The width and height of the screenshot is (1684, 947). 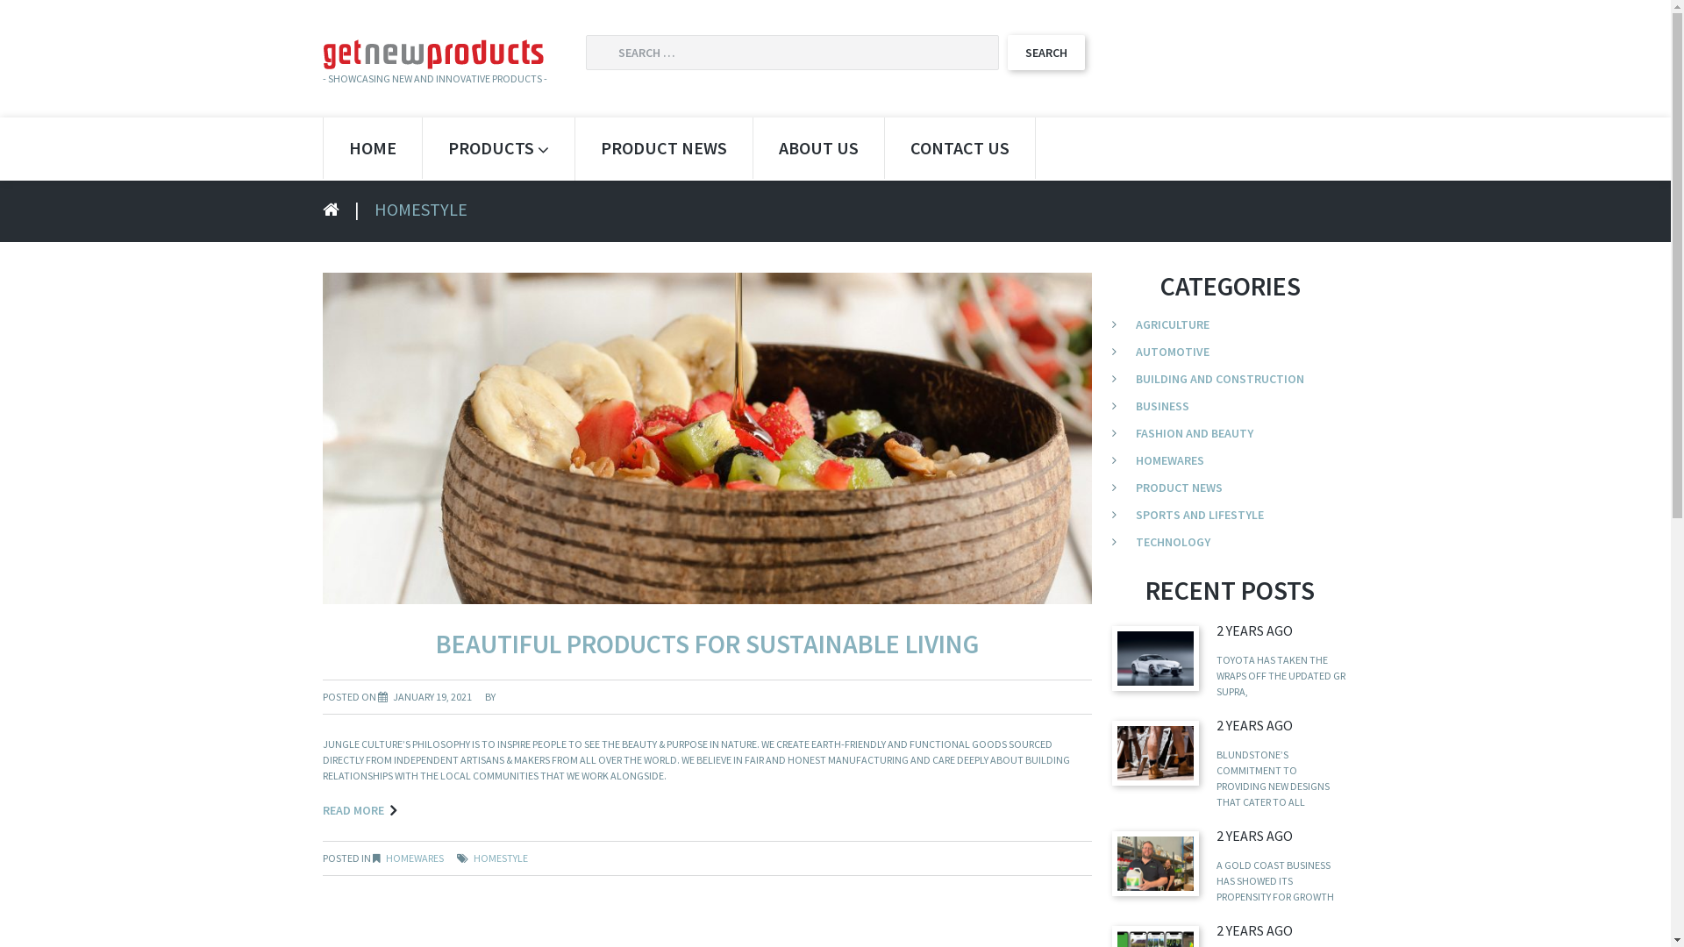 I want to click on 'BUSINESS', so click(x=1162, y=405).